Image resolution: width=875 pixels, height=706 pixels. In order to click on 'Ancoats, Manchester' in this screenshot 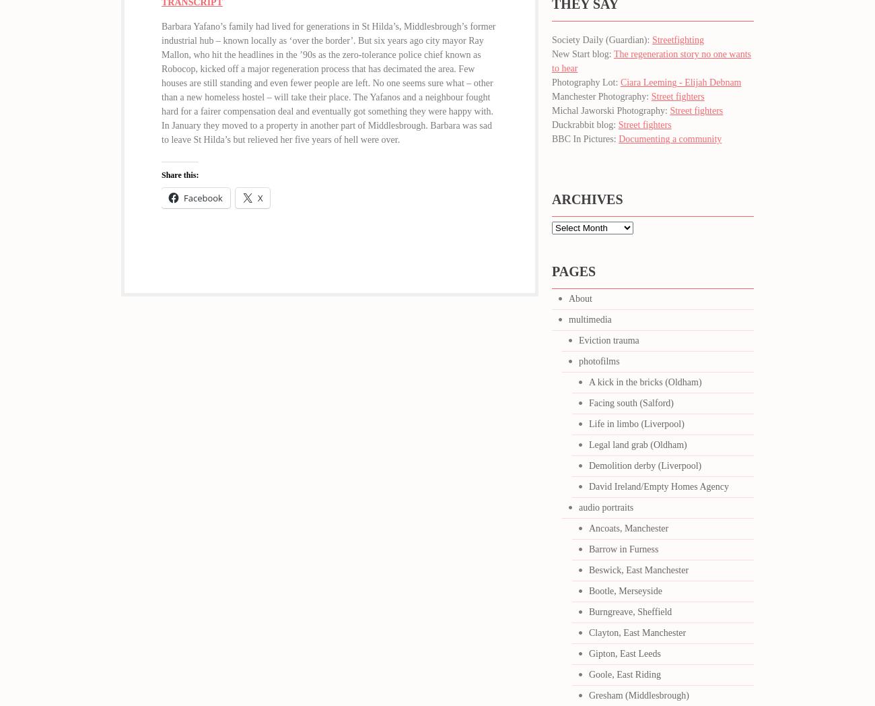, I will do `click(629, 528)`.